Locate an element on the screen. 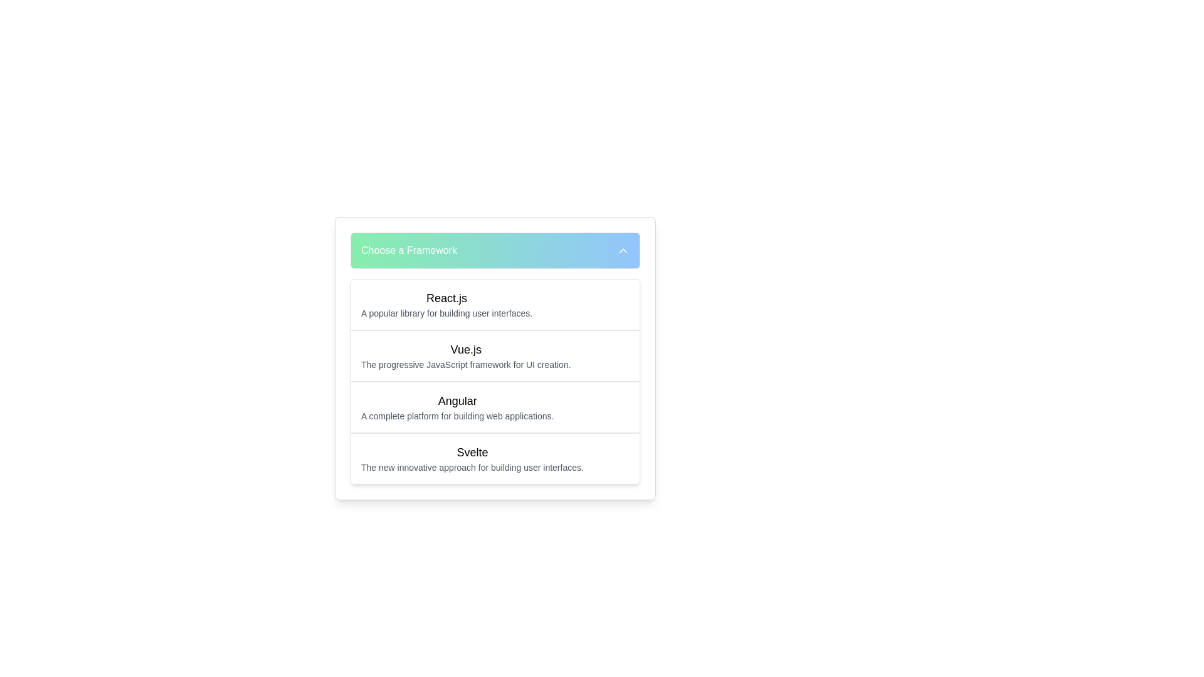 The width and height of the screenshot is (1204, 677). descriptive text located directly below the 'Svelte' heading, which highlights its innovative approach to building user interfaces is located at coordinates (472, 467).